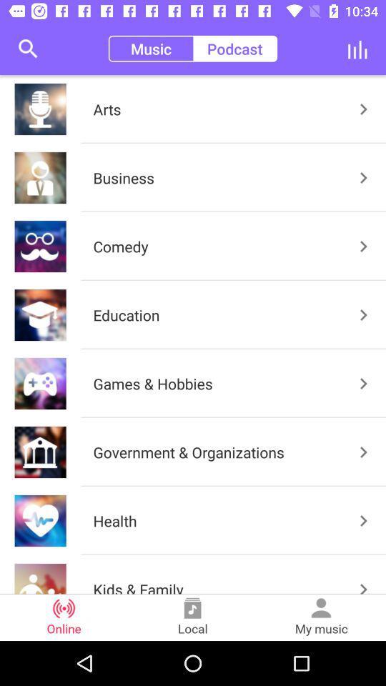 The height and width of the screenshot is (686, 386). I want to click on the item next to the local, so click(64, 617).